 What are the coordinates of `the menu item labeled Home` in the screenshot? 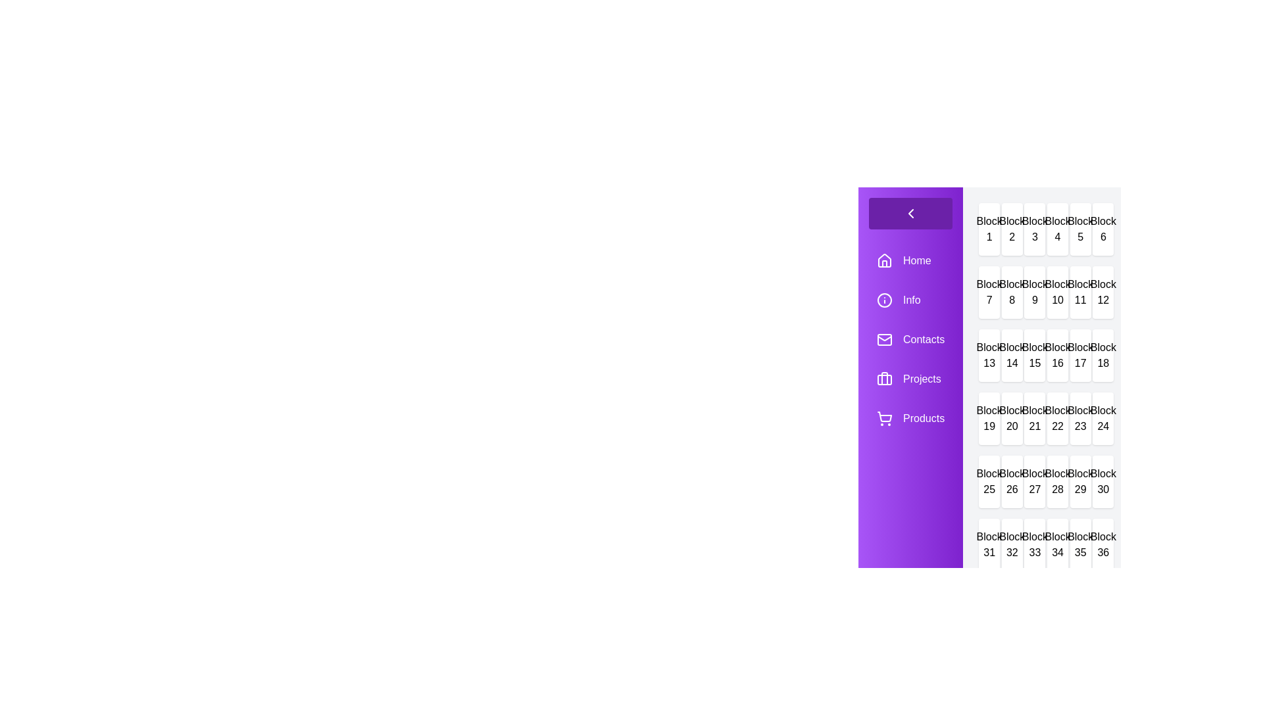 It's located at (910, 261).